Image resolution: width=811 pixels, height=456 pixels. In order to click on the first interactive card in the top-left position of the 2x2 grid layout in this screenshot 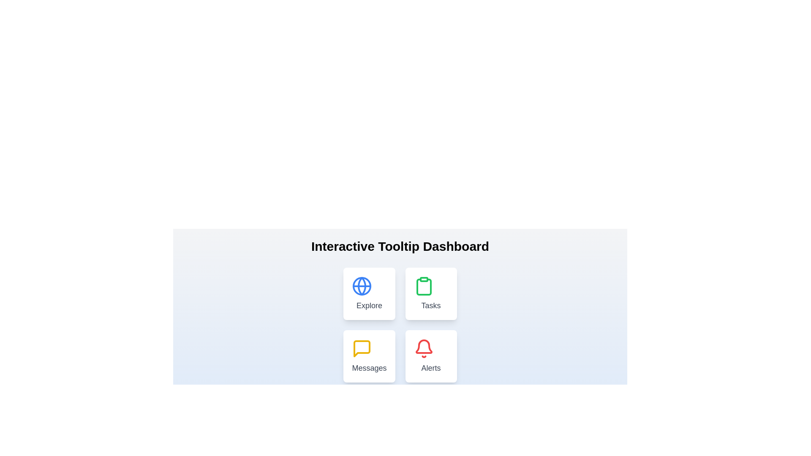, I will do `click(369, 293)`.